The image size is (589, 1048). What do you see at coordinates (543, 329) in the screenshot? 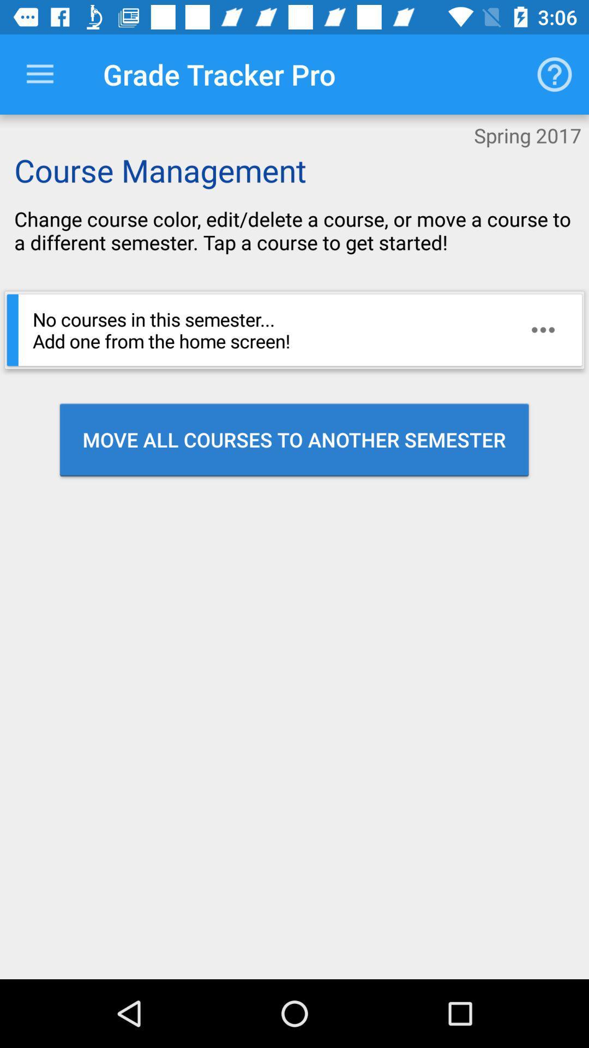
I see `more icon` at bounding box center [543, 329].